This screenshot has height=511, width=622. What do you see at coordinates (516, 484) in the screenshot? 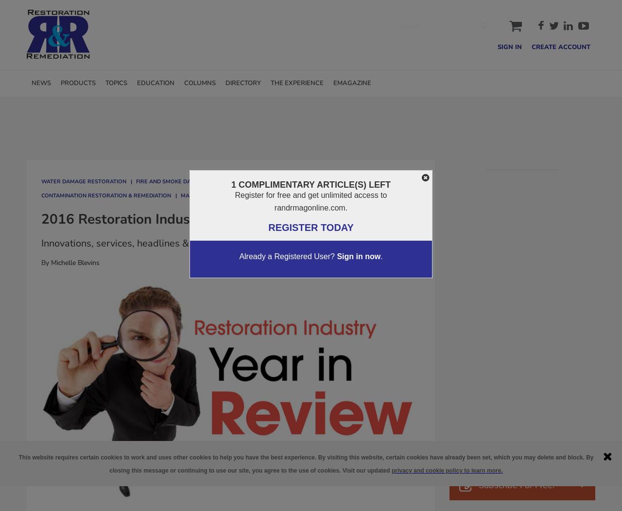
I see `'Subscribe For Free!'` at bounding box center [516, 484].